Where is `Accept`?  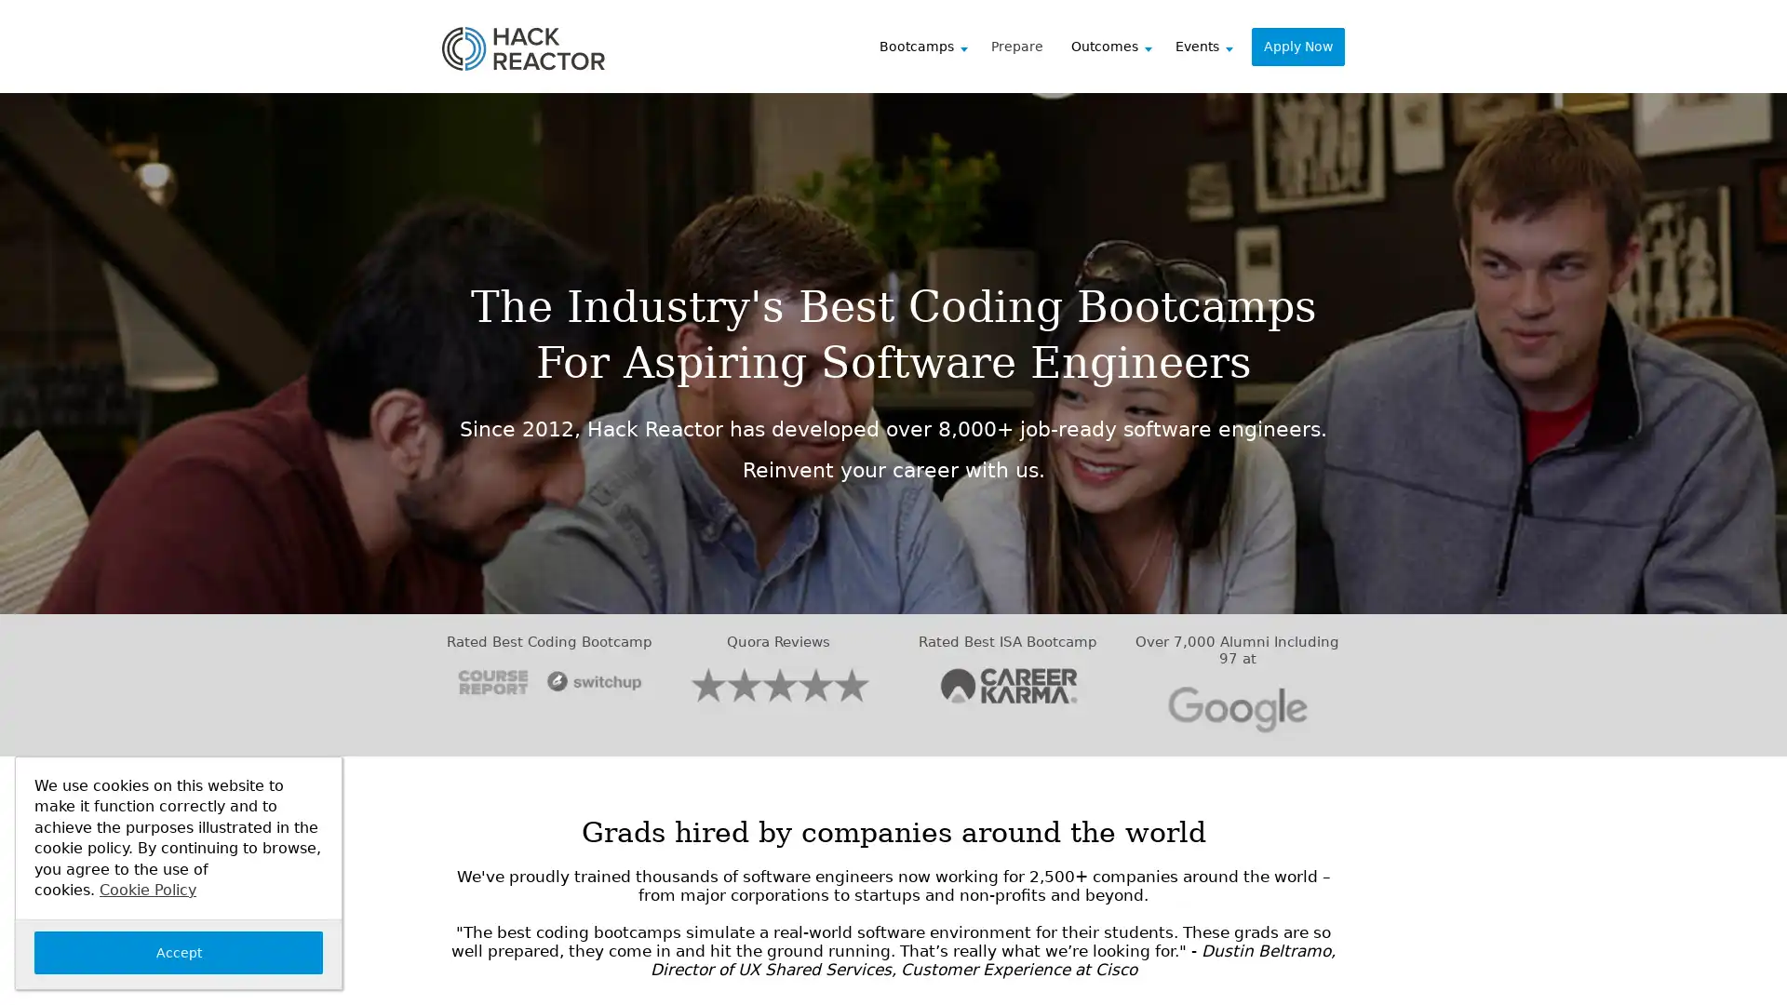
Accept is located at coordinates (179, 952).